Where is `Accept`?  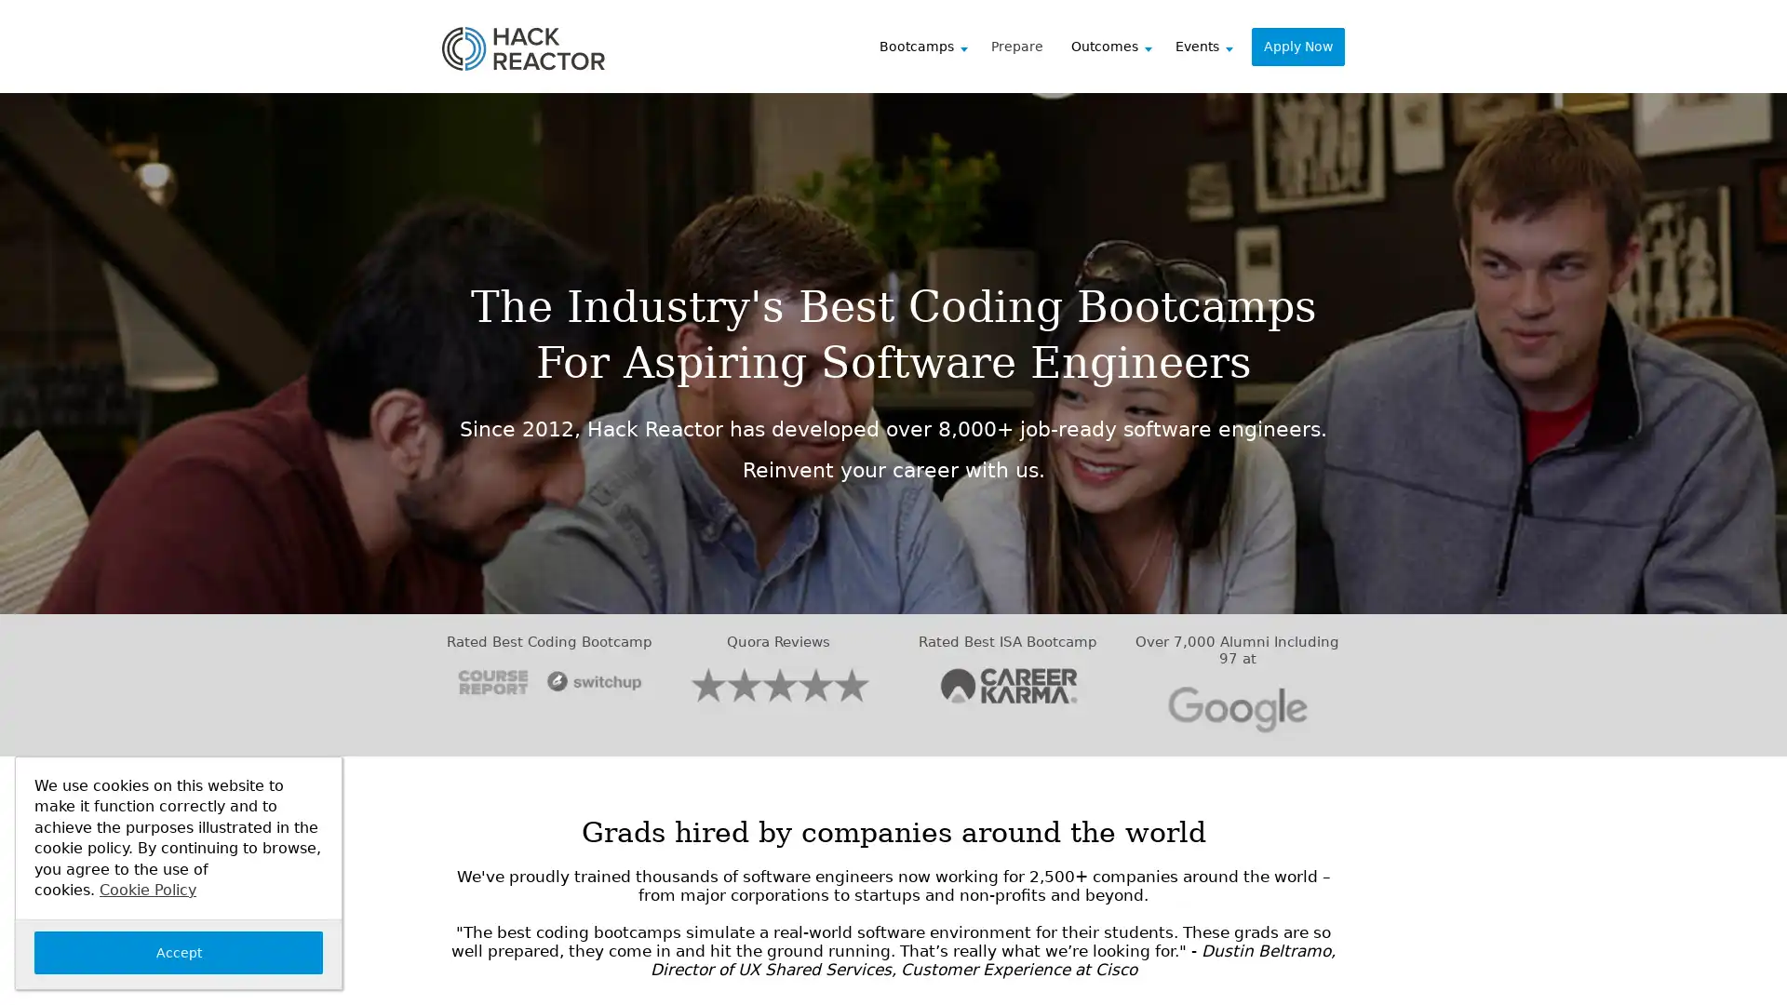
Accept is located at coordinates (179, 952).